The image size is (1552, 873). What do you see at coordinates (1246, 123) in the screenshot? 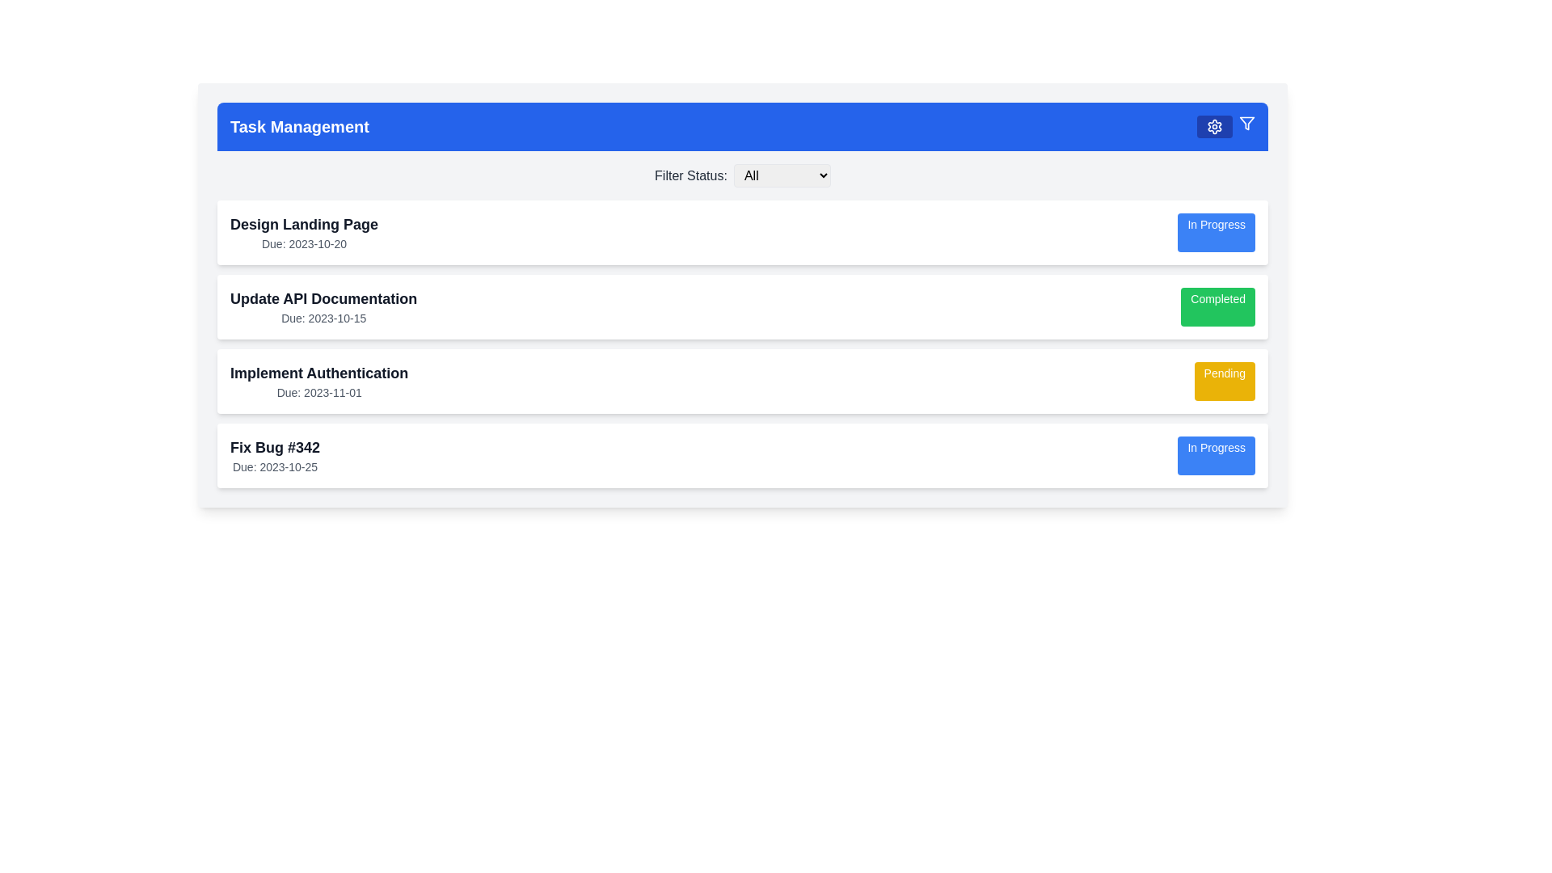
I see `the small white filter icon, resembling an inverted triangle, located at the top-right corner of the blue navigation bar` at bounding box center [1246, 123].